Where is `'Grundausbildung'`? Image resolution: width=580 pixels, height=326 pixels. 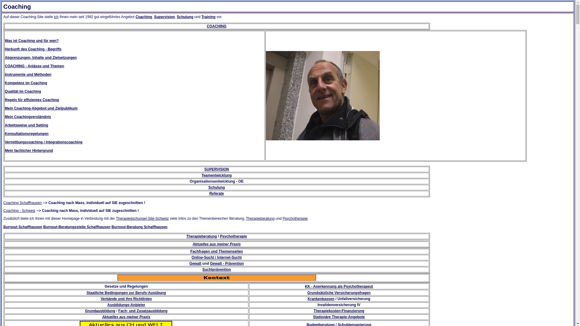 'Grundausbildung' is located at coordinates (85, 311).